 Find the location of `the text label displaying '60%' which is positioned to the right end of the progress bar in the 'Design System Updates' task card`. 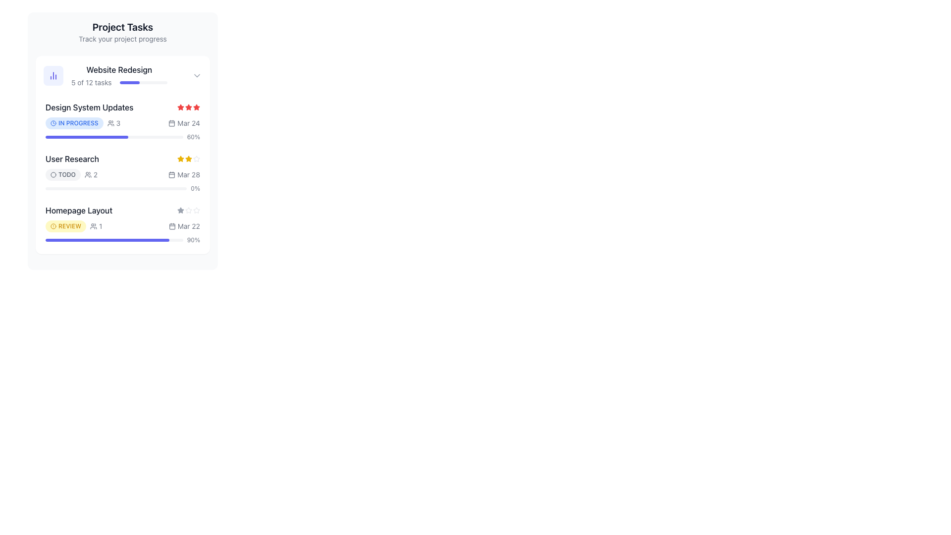

the text label displaying '60%' which is positioned to the right end of the progress bar in the 'Design System Updates' task card is located at coordinates (193, 137).